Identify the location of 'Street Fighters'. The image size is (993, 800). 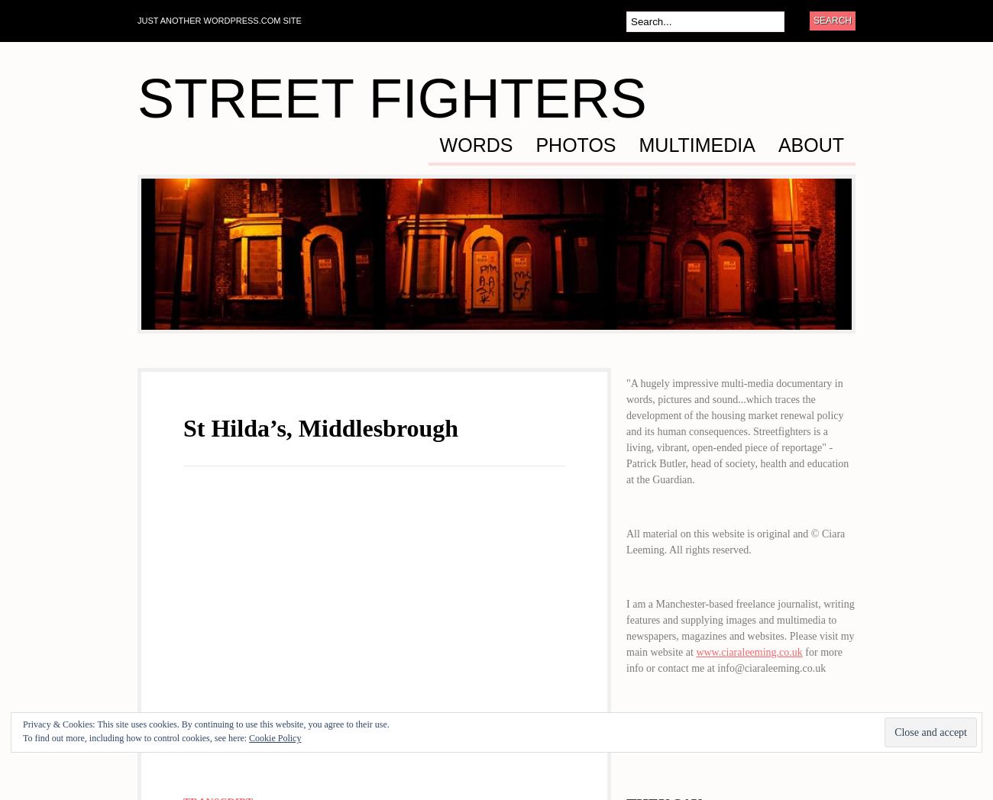
(391, 98).